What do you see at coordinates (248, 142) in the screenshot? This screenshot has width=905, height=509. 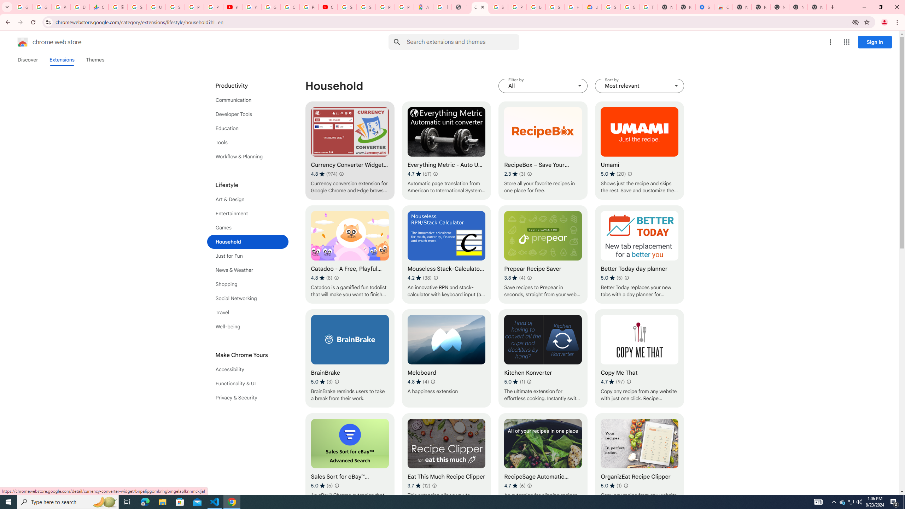 I see `'Tools'` at bounding box center [248, 142].